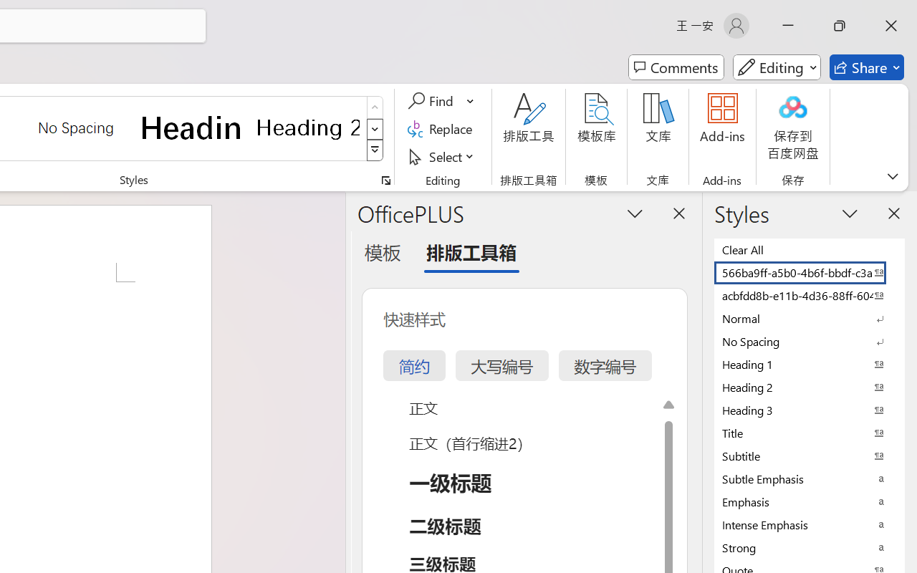 This screenshot has height=573, width=917. What do you see at coordinates (810, 478) in the screenshot?
I see `'Subtle Emphasis'` at bounding box center [810, 478].